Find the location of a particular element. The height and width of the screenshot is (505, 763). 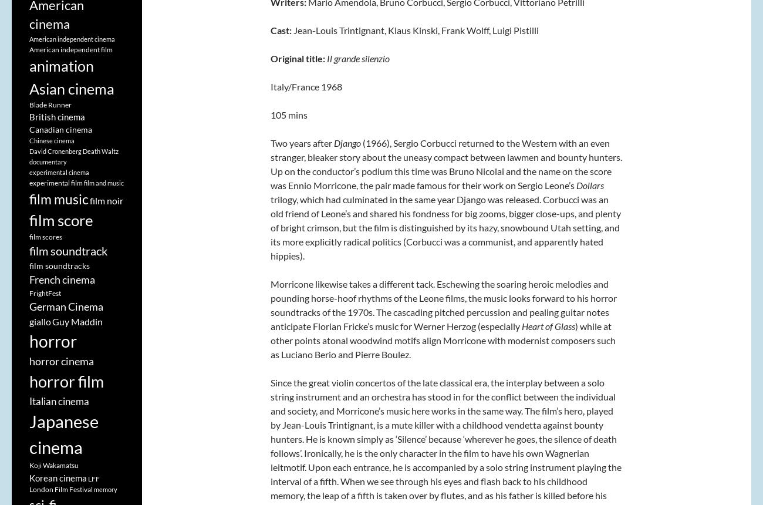

'film music' is located at coordinates (59, 198).